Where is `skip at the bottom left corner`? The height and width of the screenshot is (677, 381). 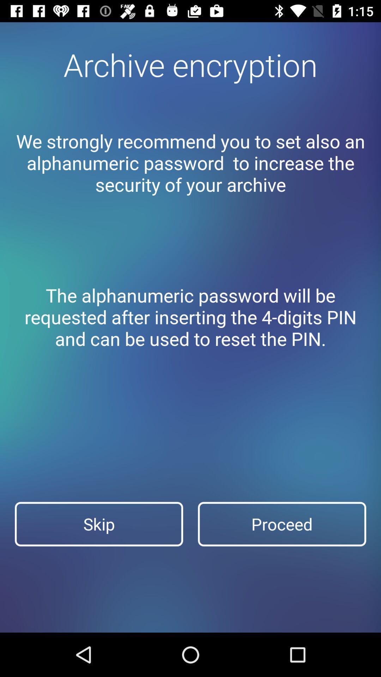
skip at the bottom left corner is located at coordinates (99, 524).